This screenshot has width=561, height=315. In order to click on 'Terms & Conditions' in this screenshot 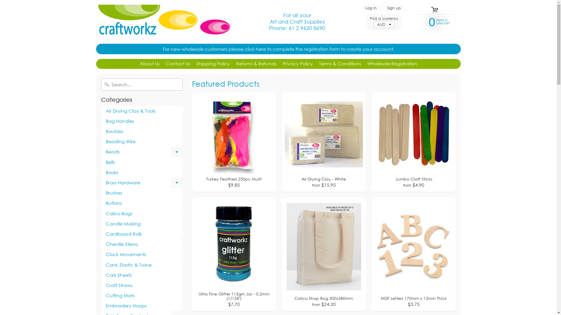, I will do `click(340, 64)`.